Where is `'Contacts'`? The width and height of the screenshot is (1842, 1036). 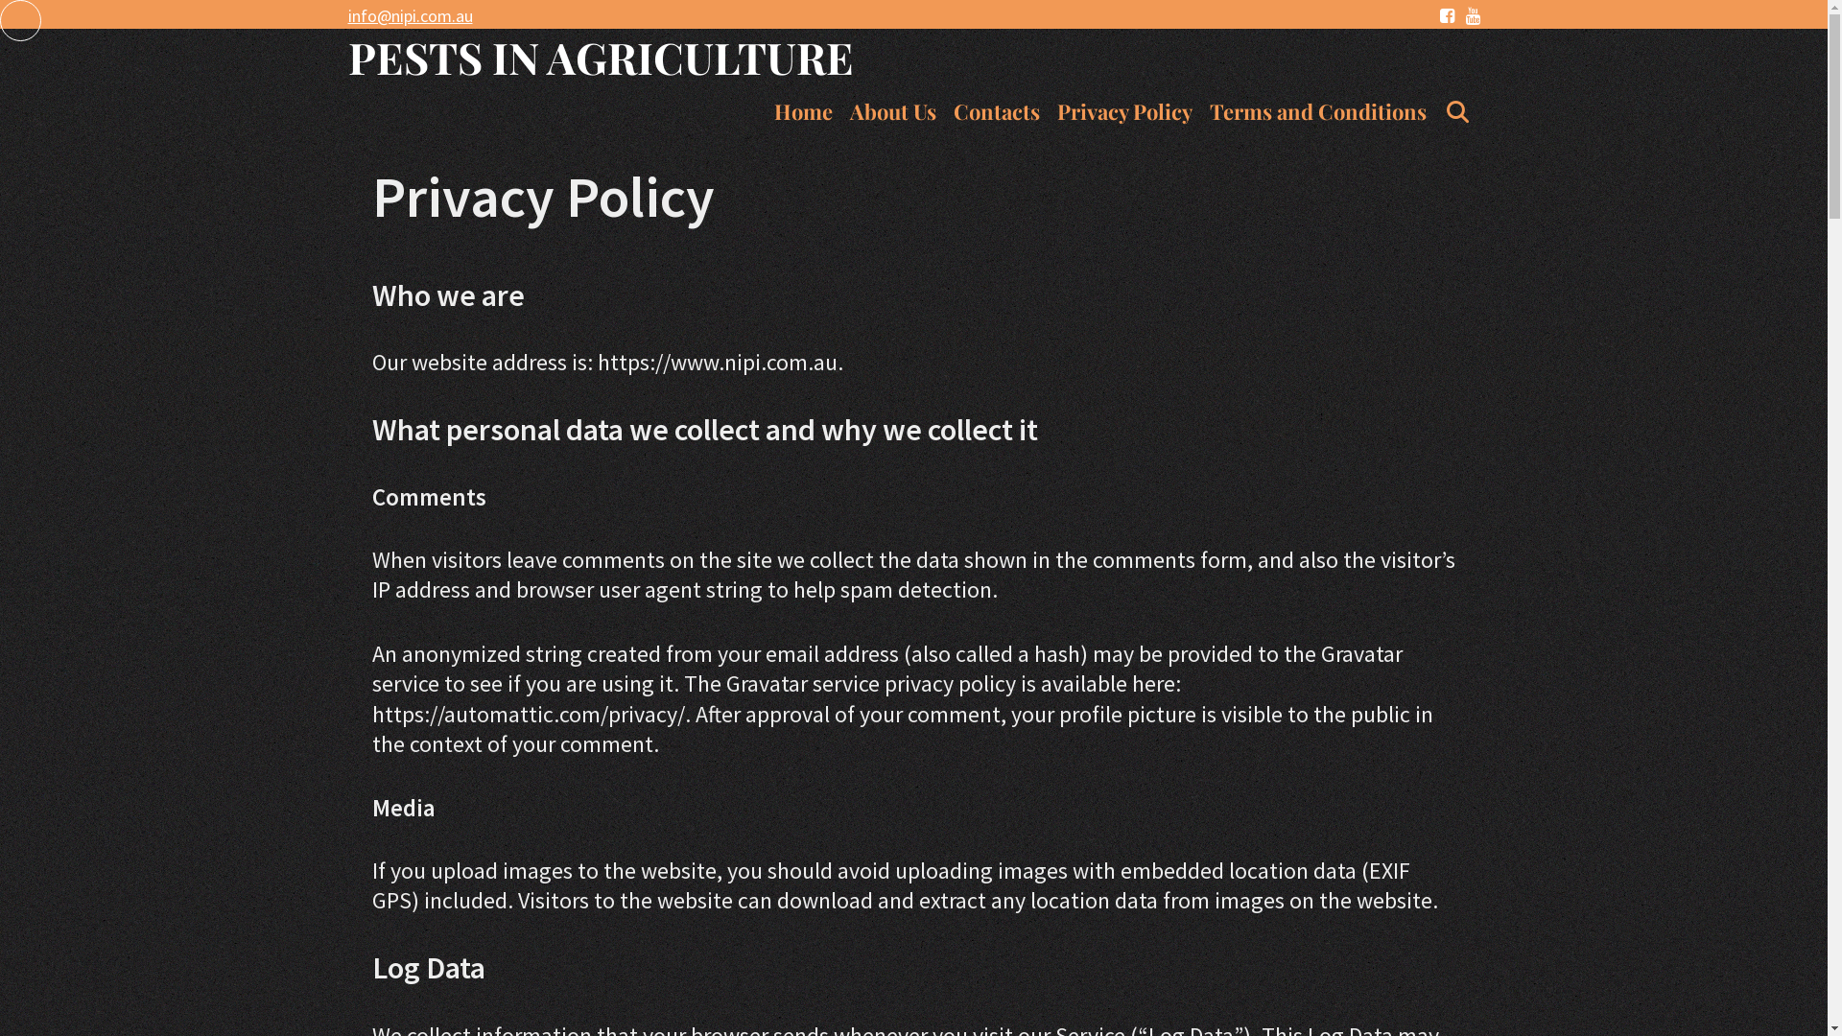
'Contacts' is located at coordinates (996, 111).